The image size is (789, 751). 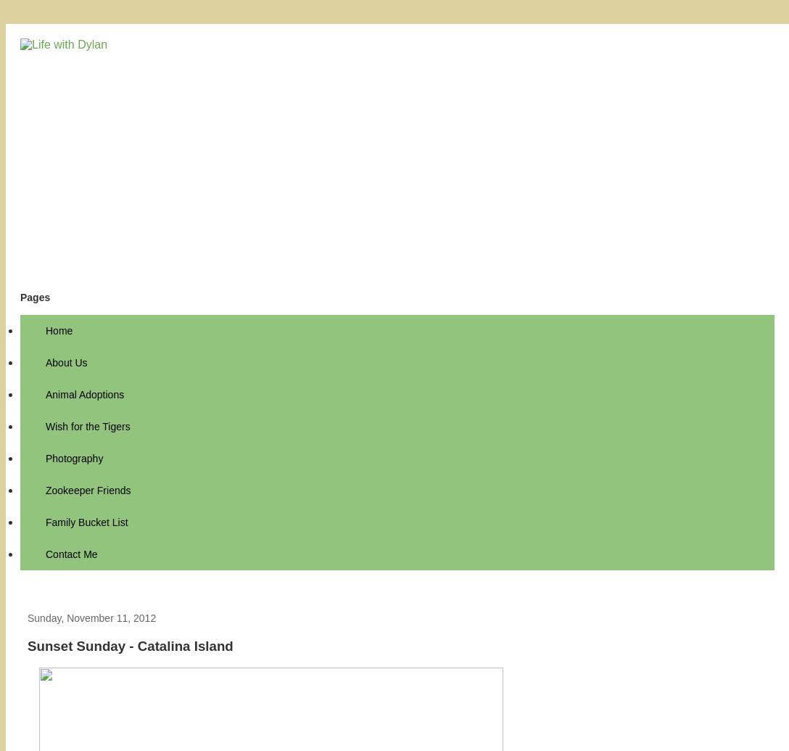 I want to click on 'Home', so click(x=59, y=331).